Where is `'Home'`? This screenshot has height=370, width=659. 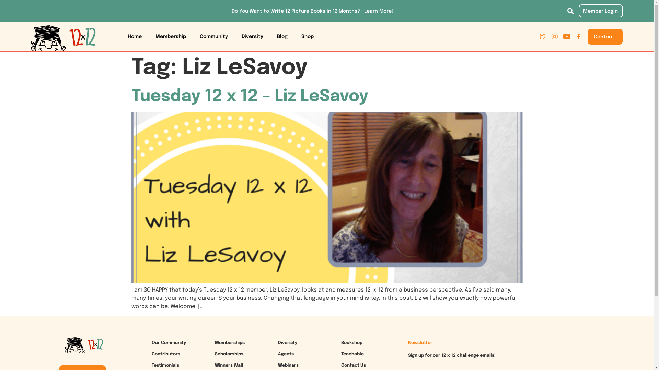 'Home' is located at coordinates (135, 37).